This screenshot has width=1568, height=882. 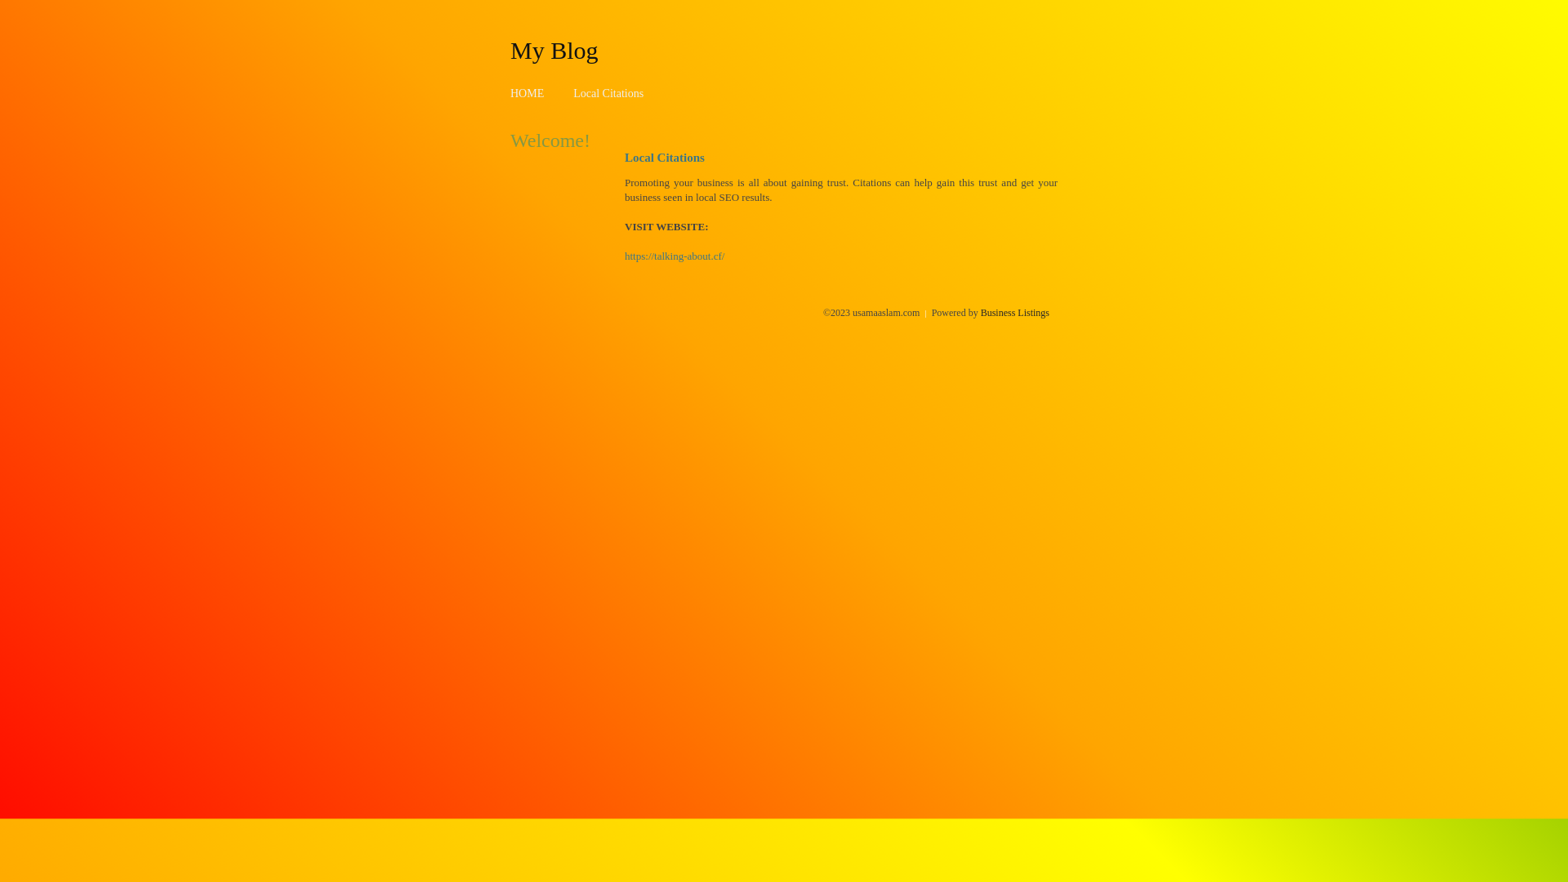 What do you see at coordinates (607, 93) in the screenshot?
I see `'Local Citations'` at bounding box center [607, 93].